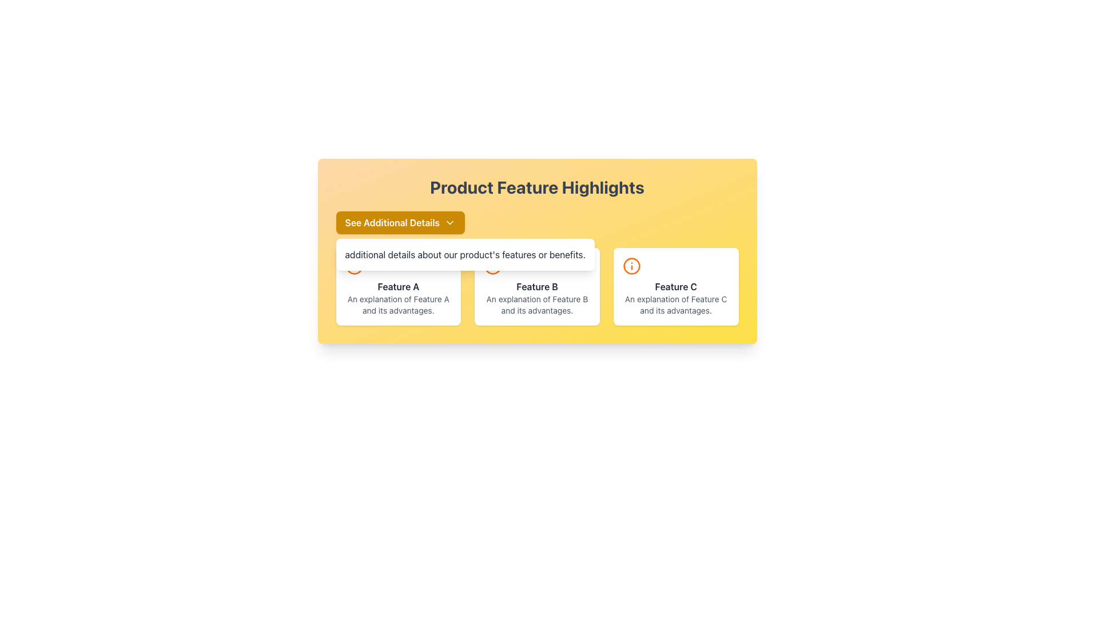 The width and height of the screenshot is (1098, 617). I want to click on text label displaying 'Feature A' which is centrally aligned within the first feature's card in the 'Product Feature Highlights' section, so click(398, 286).